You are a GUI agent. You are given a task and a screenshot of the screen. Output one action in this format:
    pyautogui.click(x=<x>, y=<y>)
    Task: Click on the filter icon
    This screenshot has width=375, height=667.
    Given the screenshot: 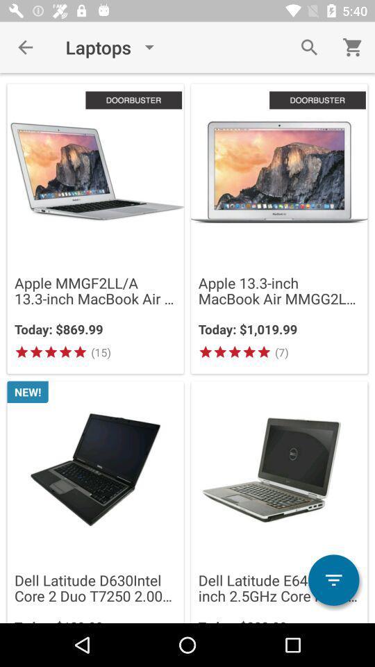 What is the action you would take?
    pyautogui.click(x=333, y=580)
    